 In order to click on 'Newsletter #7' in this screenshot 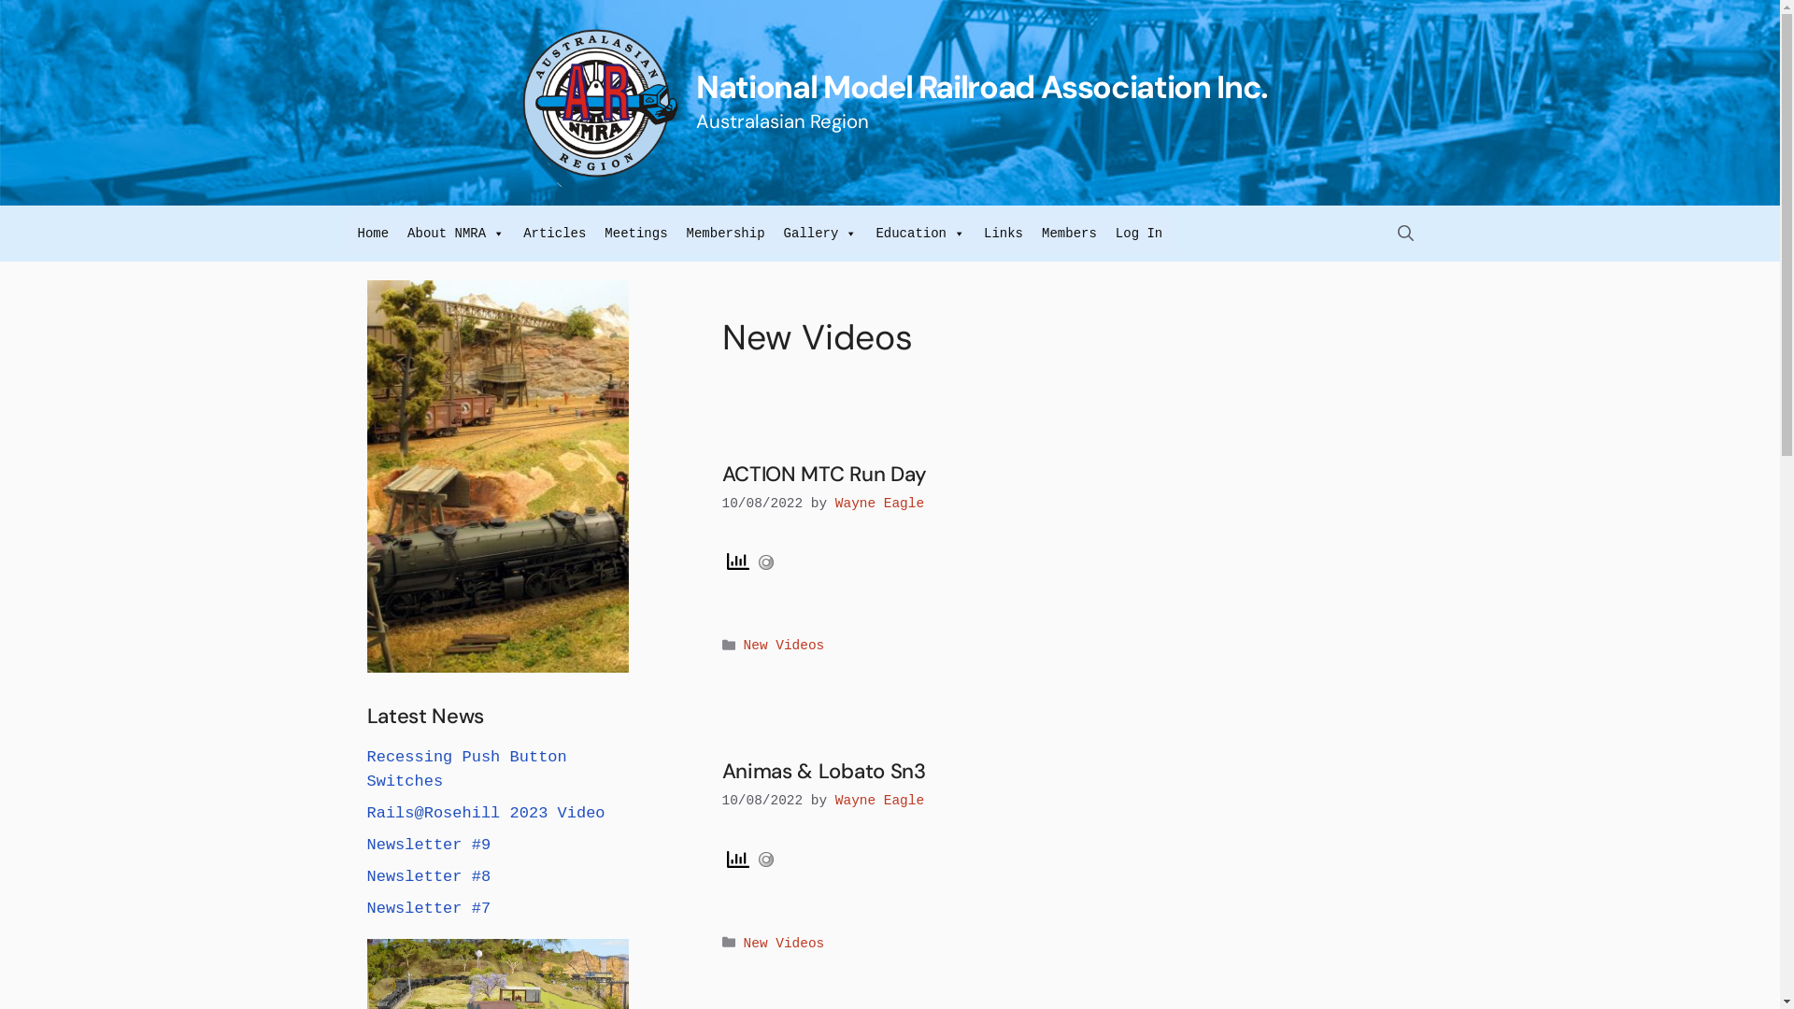, I will do `click(427, 907)`.